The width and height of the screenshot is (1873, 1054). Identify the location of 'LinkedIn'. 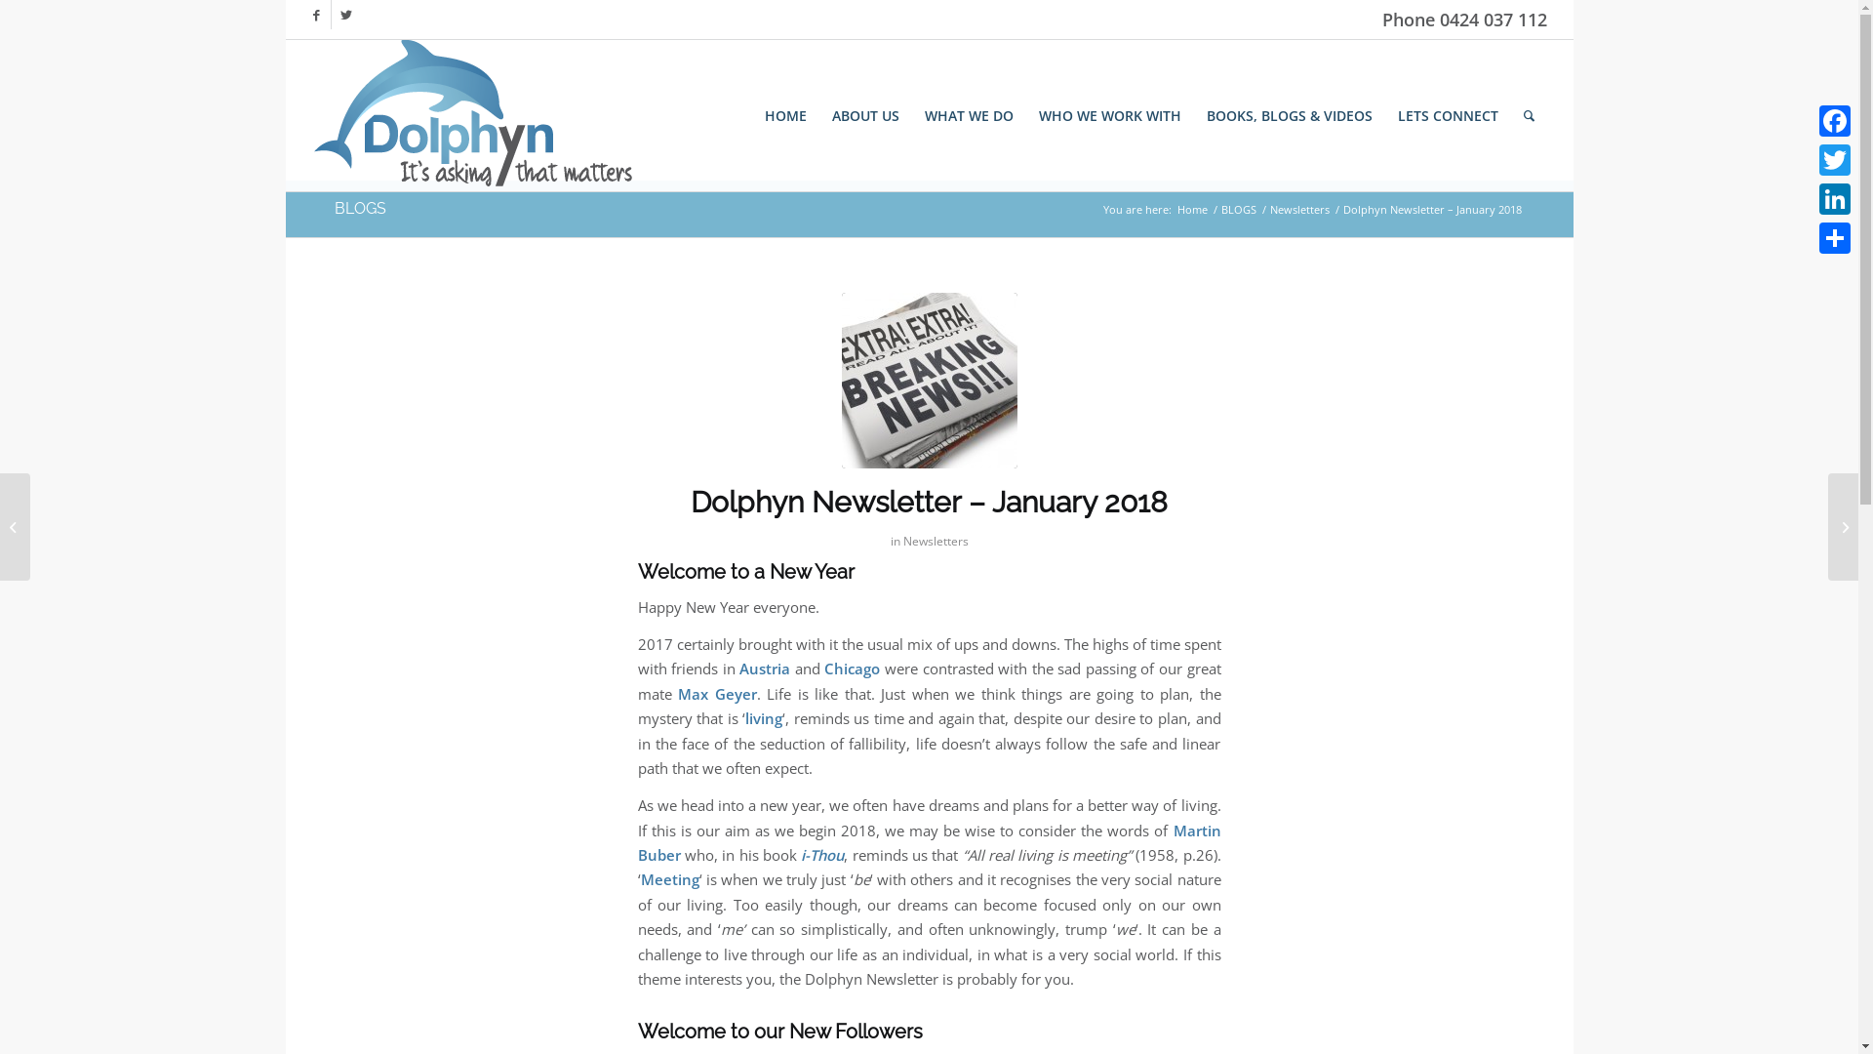
(1834, 199).